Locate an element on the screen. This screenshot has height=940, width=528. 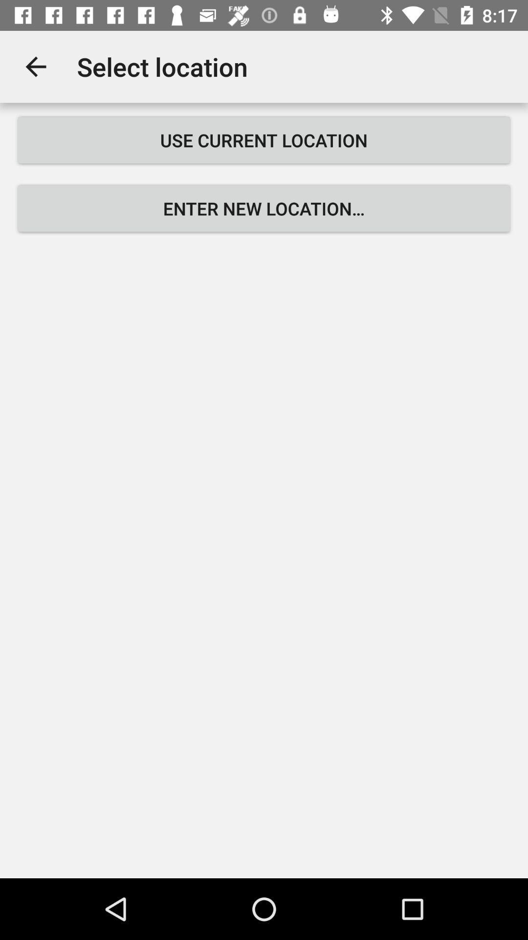
the item to the left of select location is located at coordinates (35, 66).